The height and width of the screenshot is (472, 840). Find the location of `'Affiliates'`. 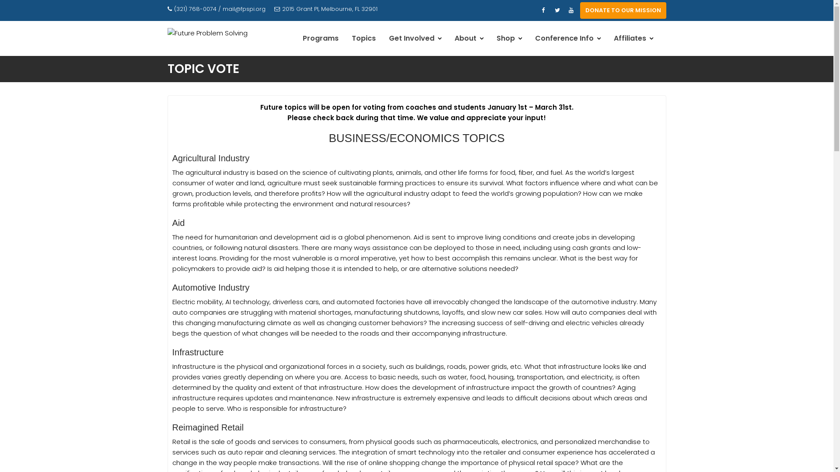

'Affiliates' is located at coordinates (633, 38).